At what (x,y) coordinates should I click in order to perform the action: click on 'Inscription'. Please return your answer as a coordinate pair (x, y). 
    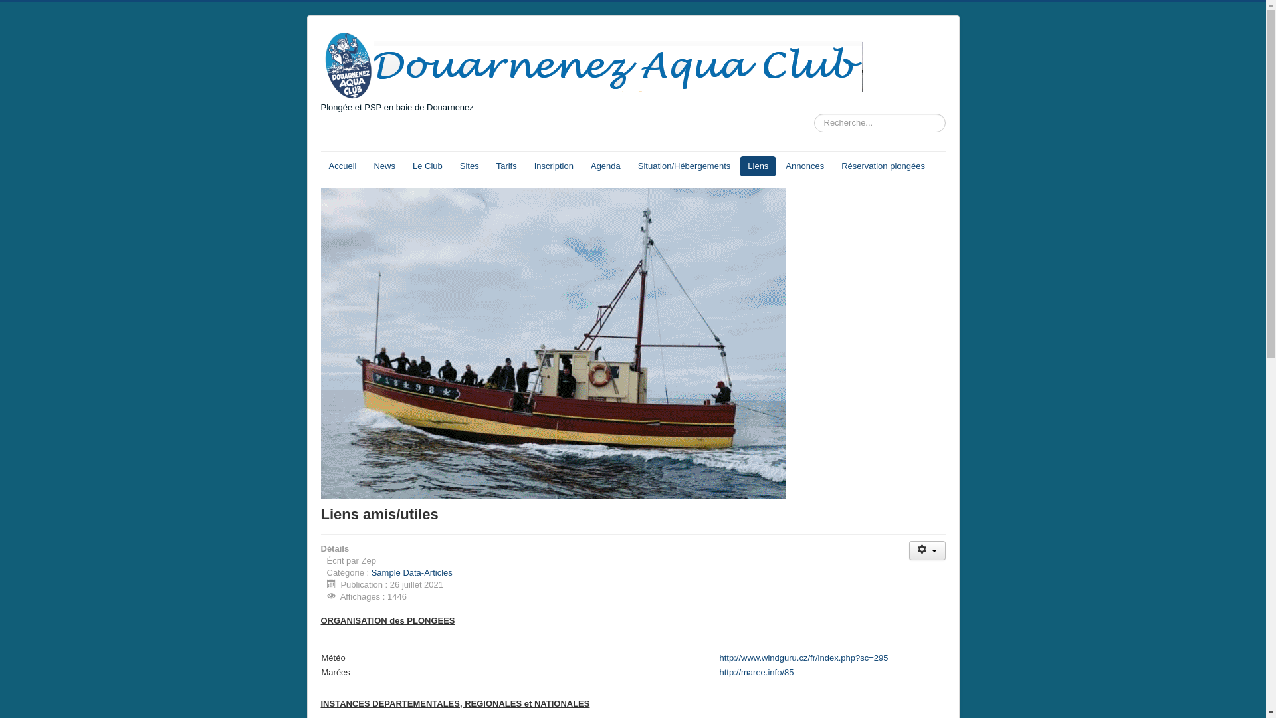
    Looking at the image, I should click on (554, 166).